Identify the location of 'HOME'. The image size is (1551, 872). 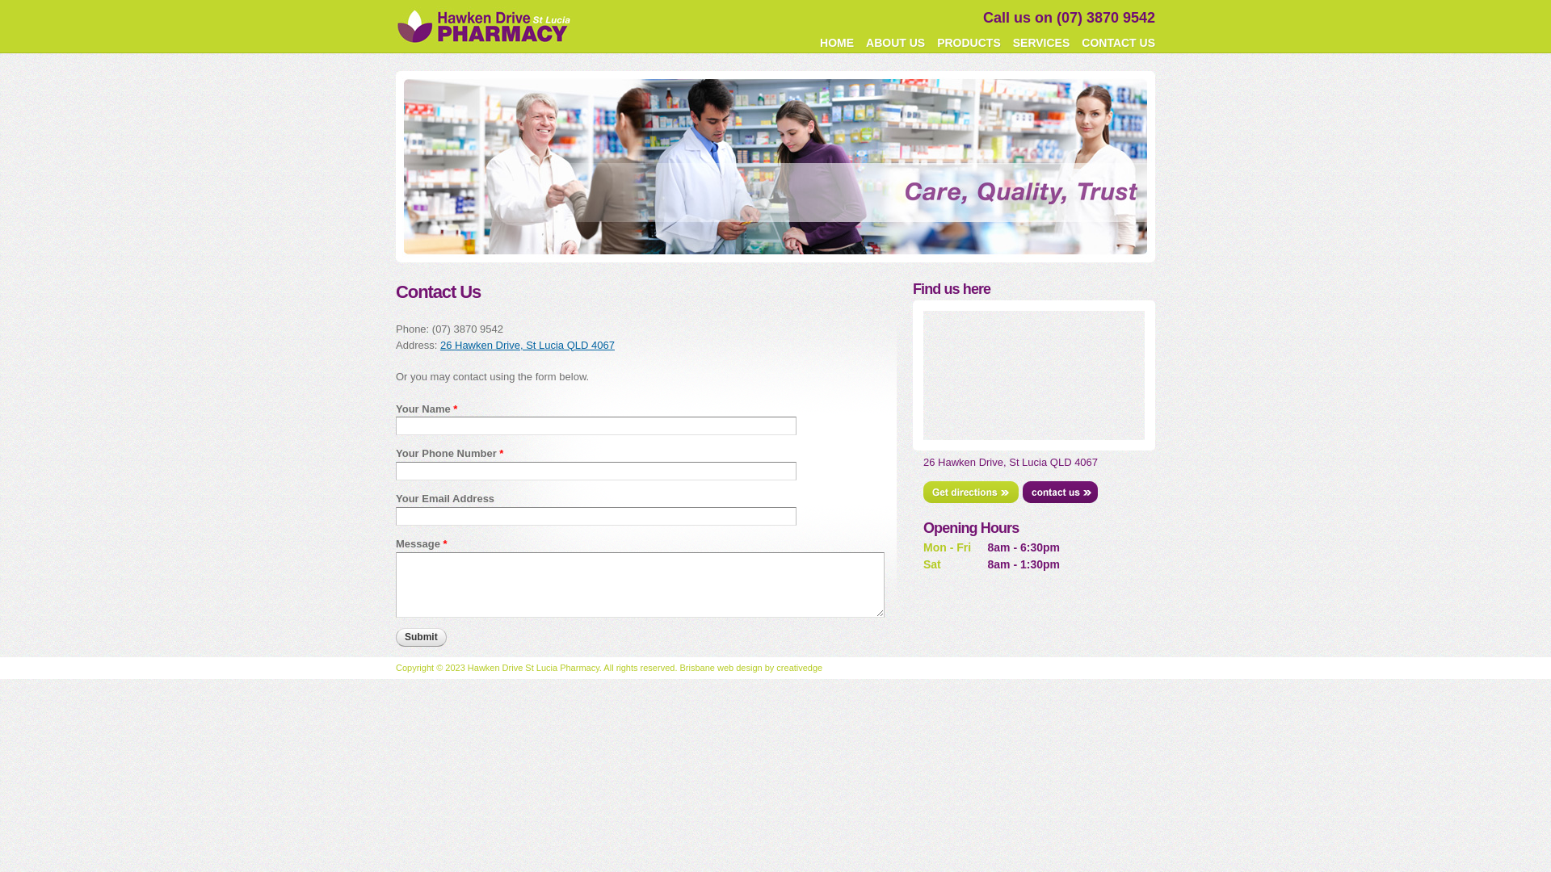
(815, 42).